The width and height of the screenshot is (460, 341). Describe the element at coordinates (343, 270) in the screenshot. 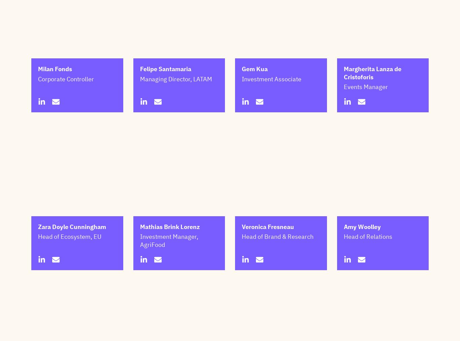

I see `'Head of Relations'` at that location.